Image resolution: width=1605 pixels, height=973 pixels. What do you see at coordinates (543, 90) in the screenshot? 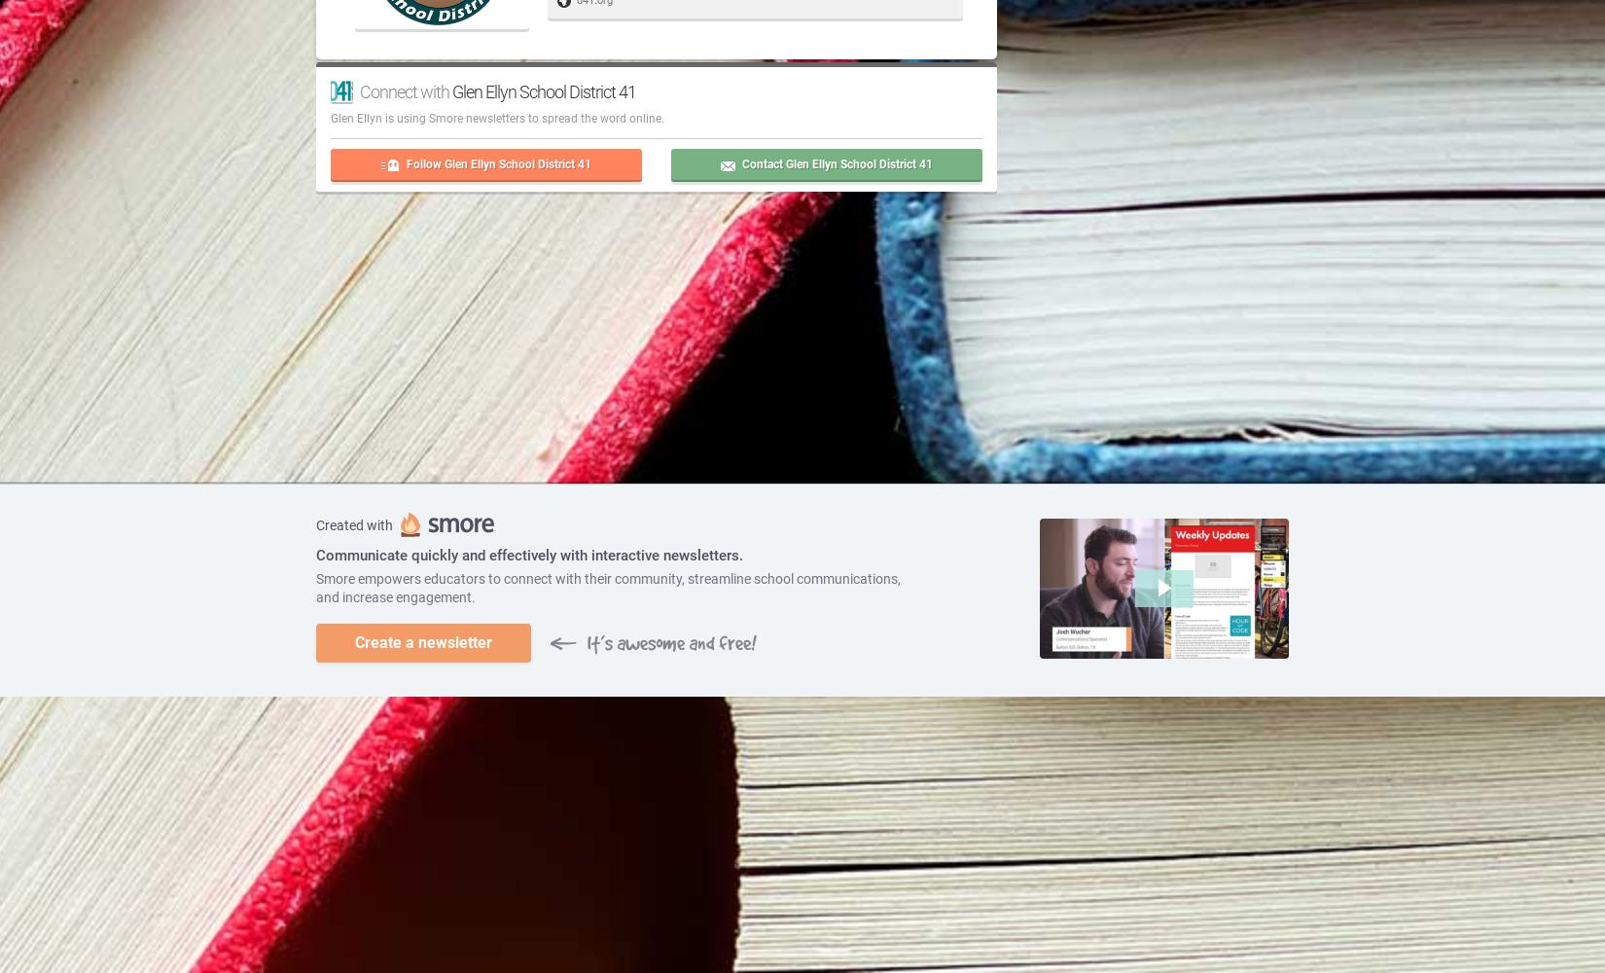
I see `'Glen Ellyn School District 41'` at bounding box center [543, 90].